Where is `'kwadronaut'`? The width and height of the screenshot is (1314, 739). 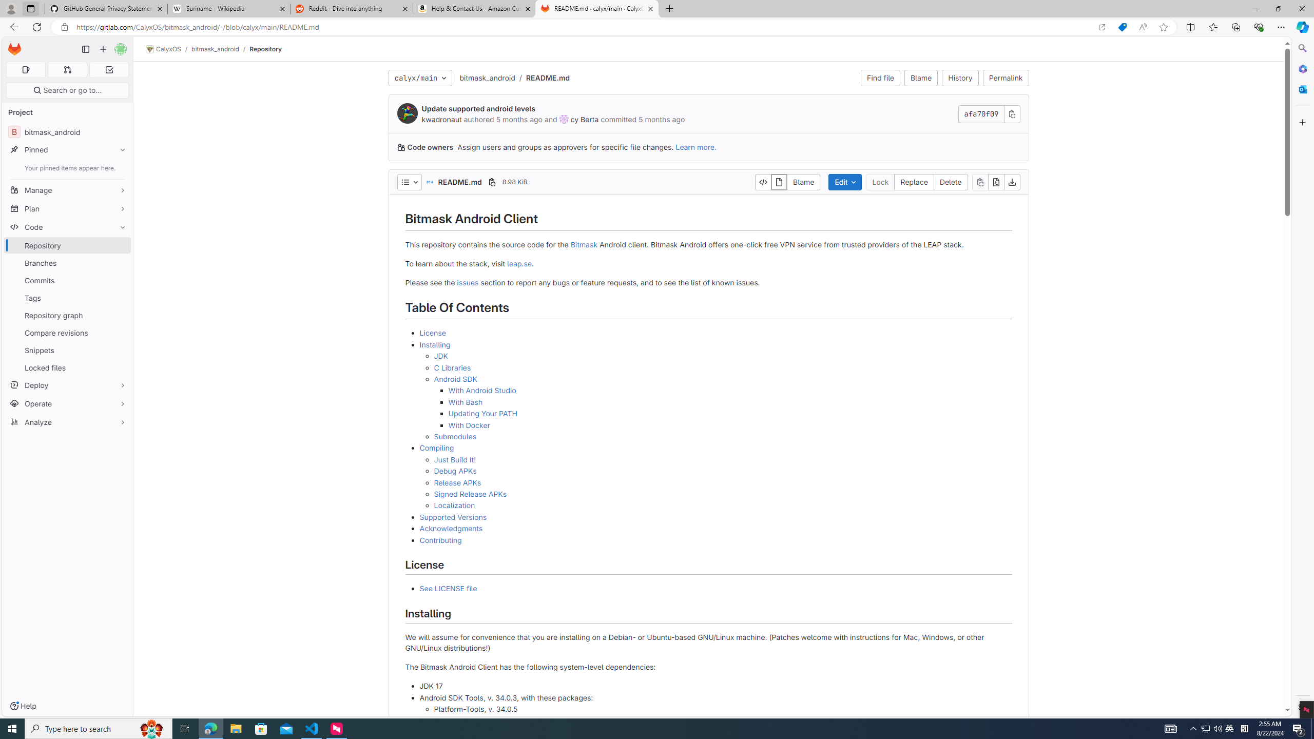 'kwadronaut' is located at coordinates (407, 113).